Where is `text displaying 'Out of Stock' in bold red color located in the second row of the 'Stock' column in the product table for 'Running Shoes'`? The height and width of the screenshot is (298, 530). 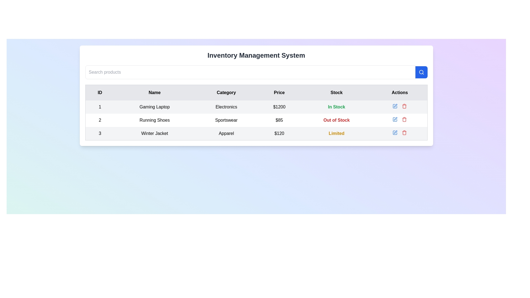
text displaying 'Out of Stock' in bold red color located in the second row of the 'Stock' column in the product table for 'Running Shoes' is located at coordinates (336, 120).